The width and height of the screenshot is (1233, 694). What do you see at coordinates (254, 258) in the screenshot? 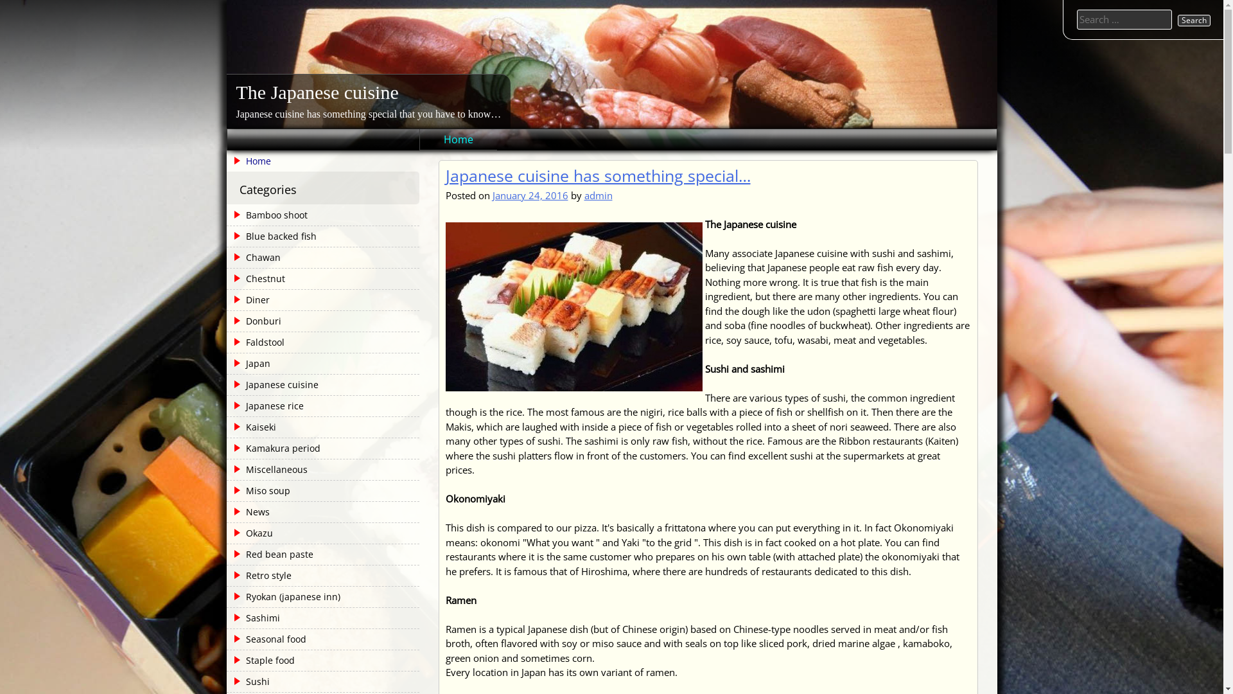
I see `'Chawan'` at bounding box center [254, 258].